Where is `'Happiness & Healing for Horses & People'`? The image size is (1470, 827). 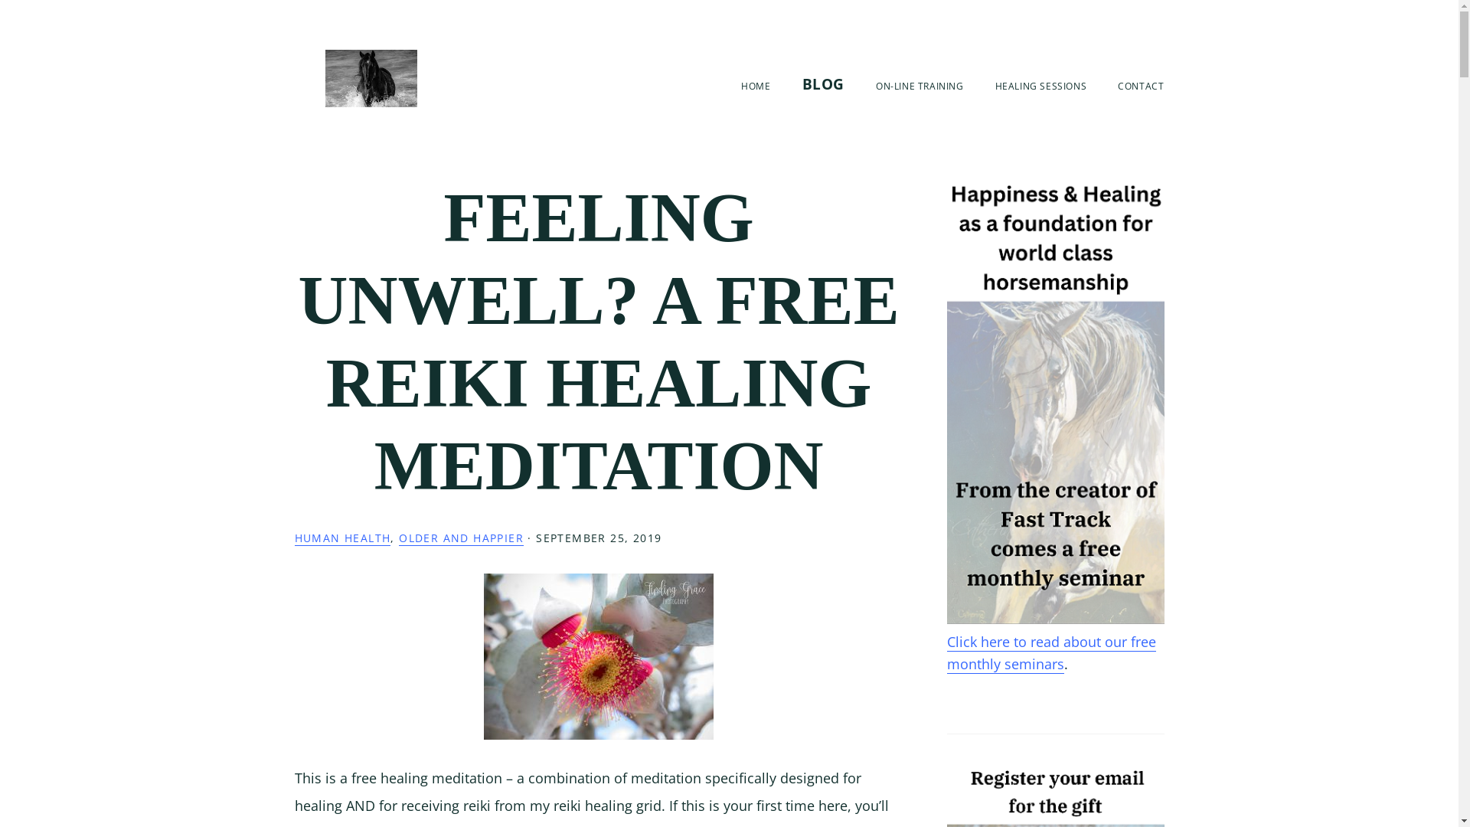
'Happiness & Healing for Horses & People' is located at coordinates (371, 78).